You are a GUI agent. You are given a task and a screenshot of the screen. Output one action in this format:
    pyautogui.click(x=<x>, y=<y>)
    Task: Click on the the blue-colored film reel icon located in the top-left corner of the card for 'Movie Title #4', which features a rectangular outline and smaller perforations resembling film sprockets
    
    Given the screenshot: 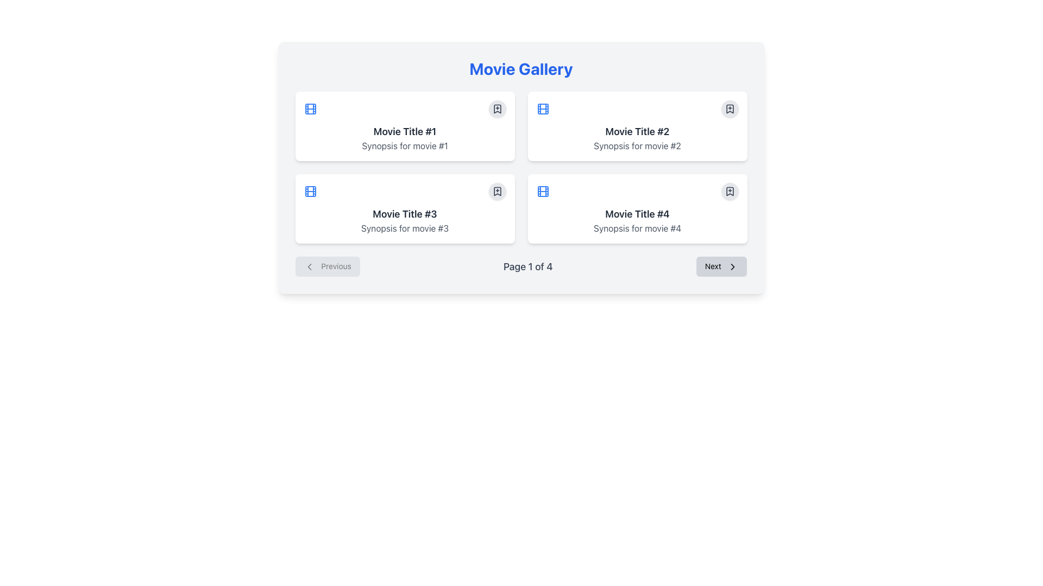 What is the action you would take?
    pyautogui.click(x=543, y=191)
    